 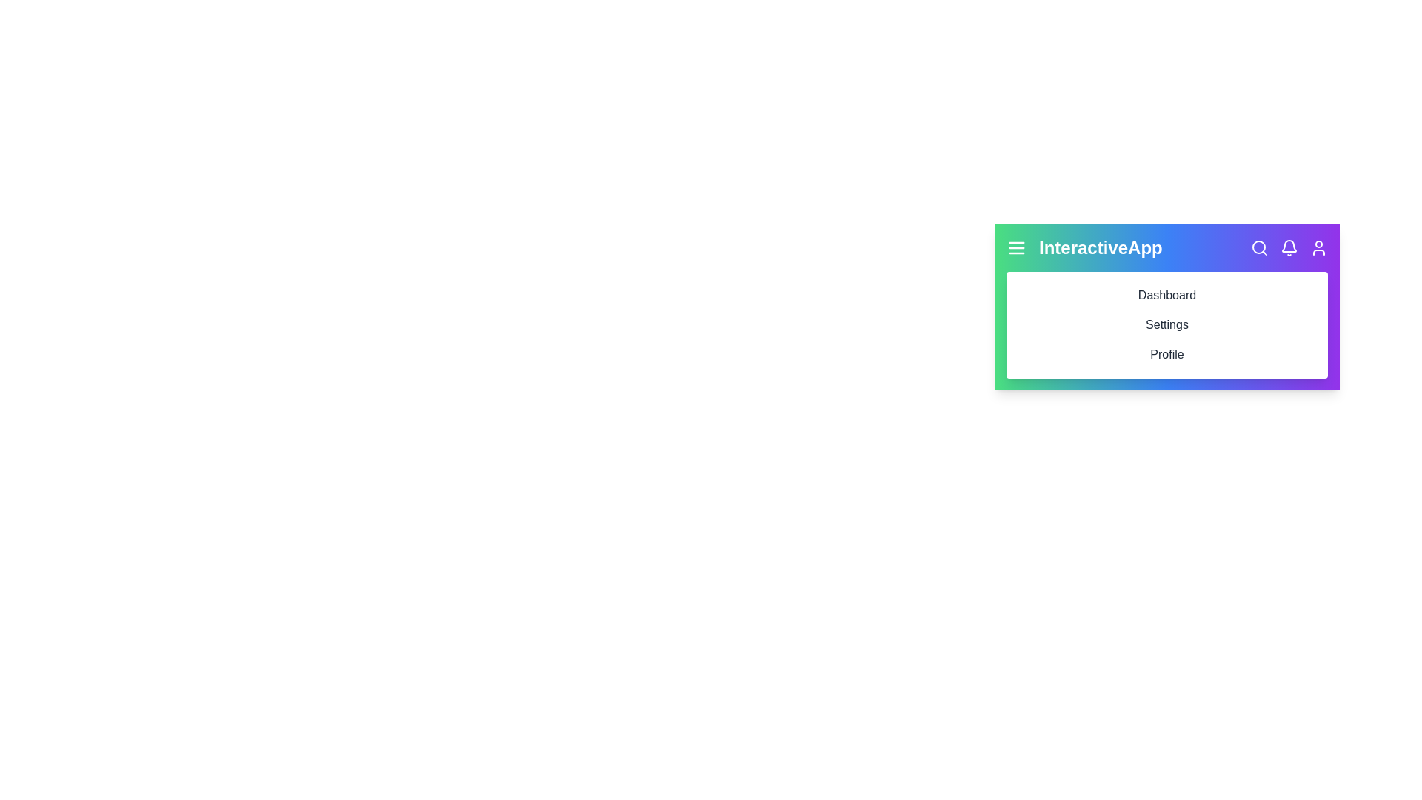 I want to click on the search icon to toggle the search feature, so click(x=1258, y=247).